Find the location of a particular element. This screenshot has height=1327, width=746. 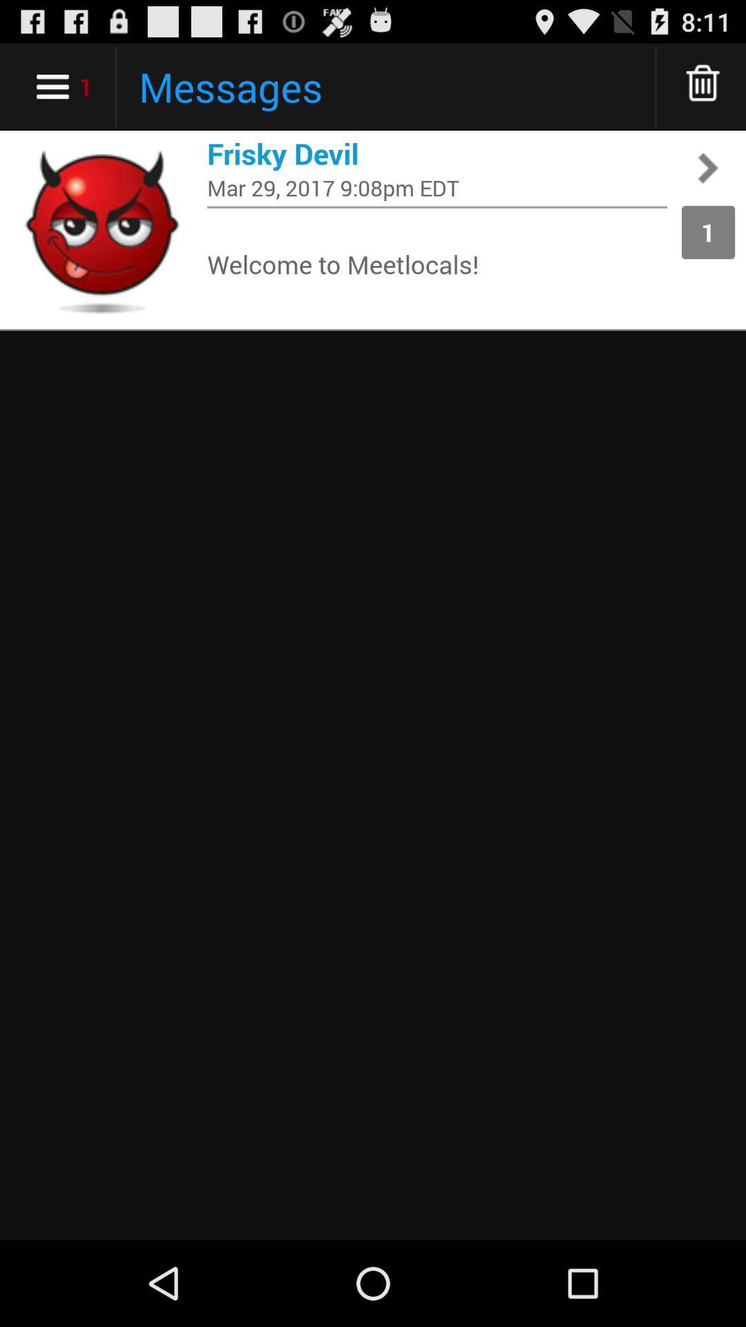

delete message s is located at coordinates (703, 86).